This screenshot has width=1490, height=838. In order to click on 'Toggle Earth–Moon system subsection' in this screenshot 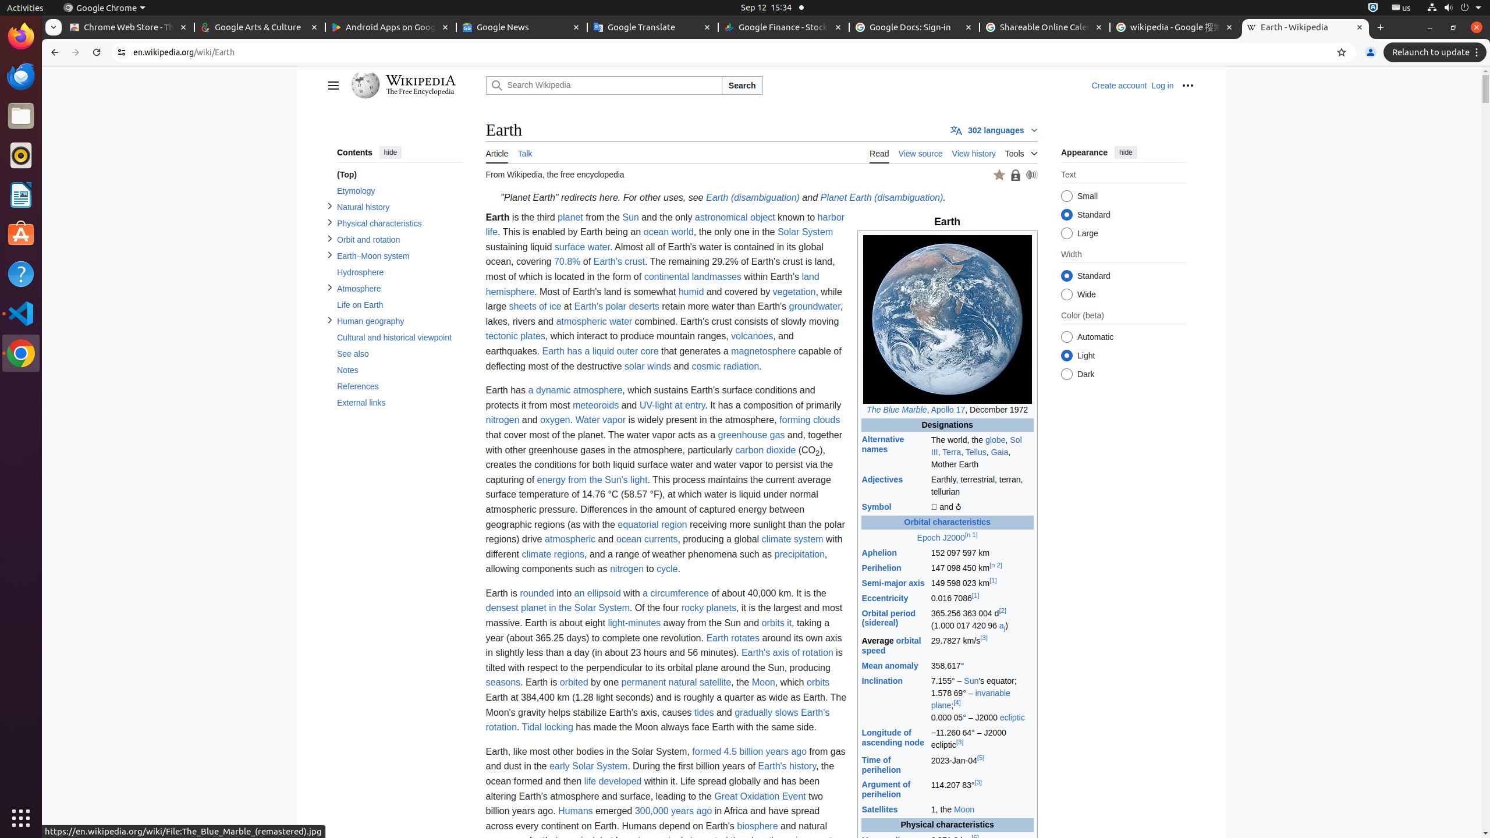, I will do `click(329, 254)`.